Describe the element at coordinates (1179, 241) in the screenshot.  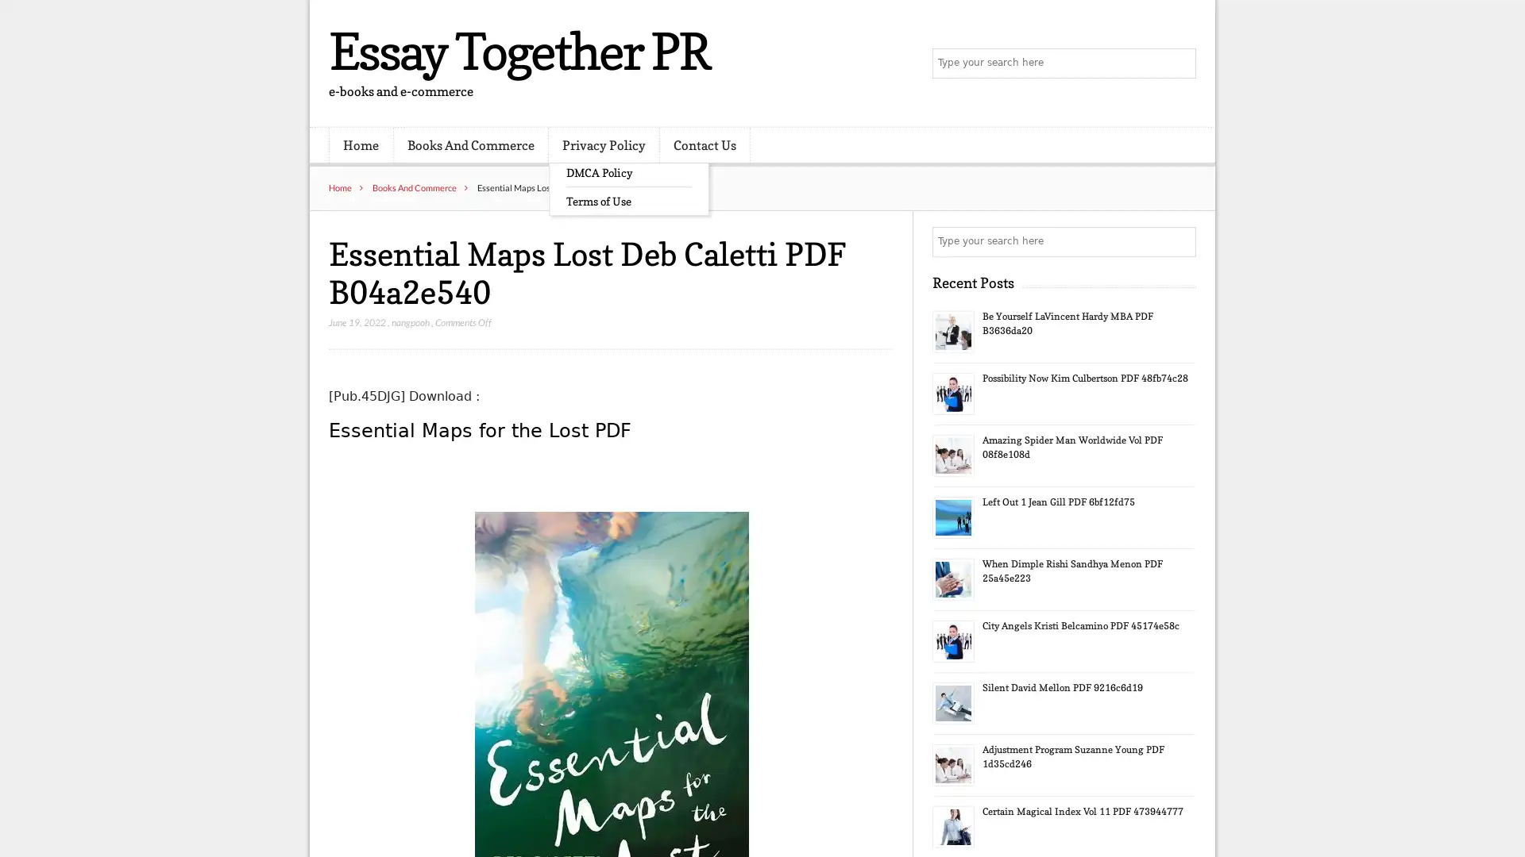
I see `Search` at that location.